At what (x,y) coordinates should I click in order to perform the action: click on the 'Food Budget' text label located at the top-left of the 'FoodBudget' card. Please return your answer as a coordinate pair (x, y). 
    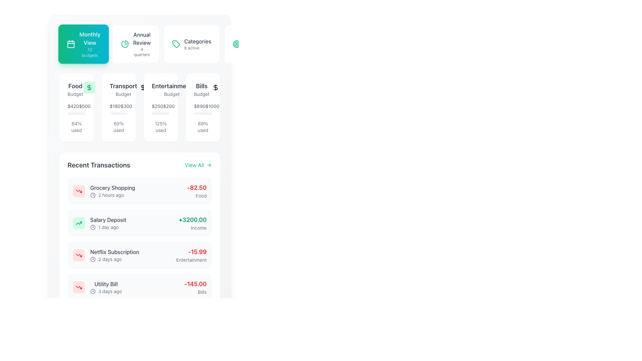
    Looking at the image, I should click on (77, 89).